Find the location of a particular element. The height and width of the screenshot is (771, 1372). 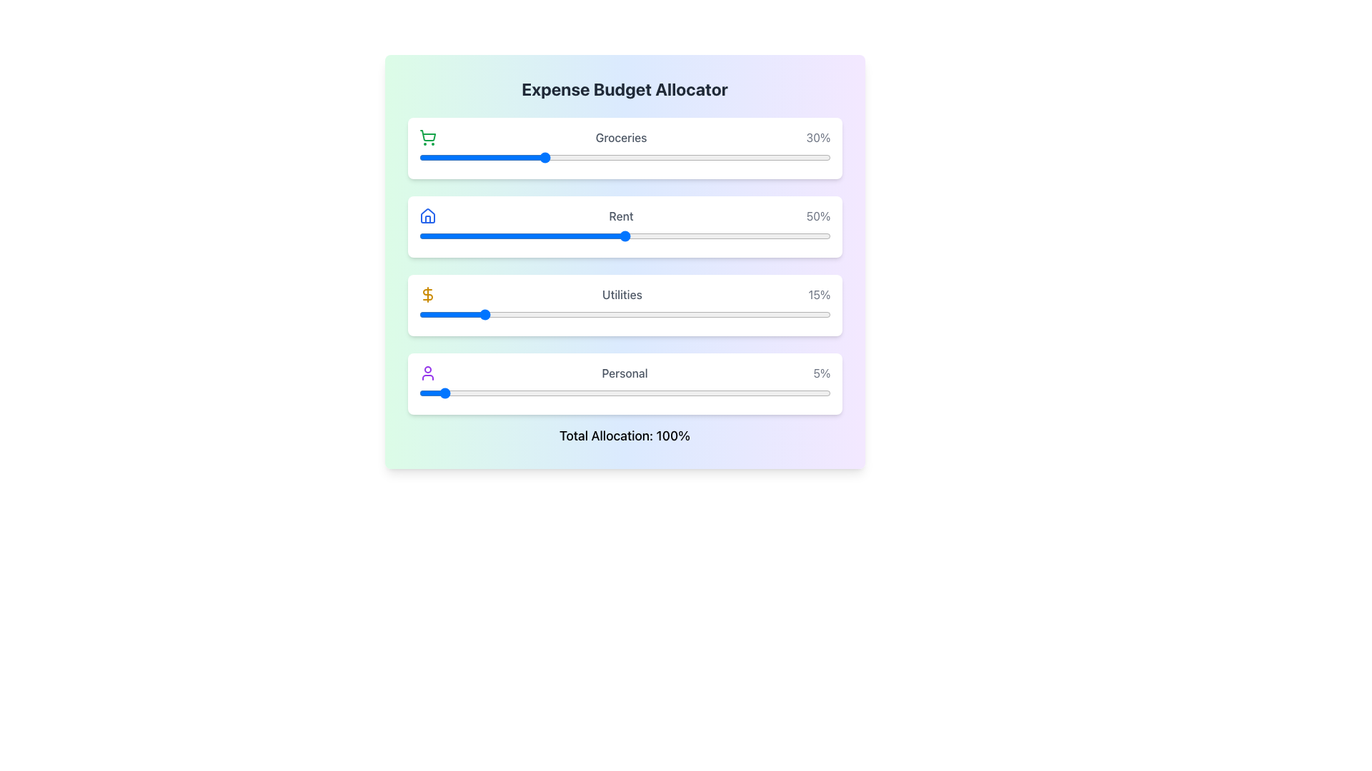

the range slider track near the blue handle to set the value for groceries, which is positioned under the 'Groceries' label and next to the '30%' display is located at coordinates (625, 157).